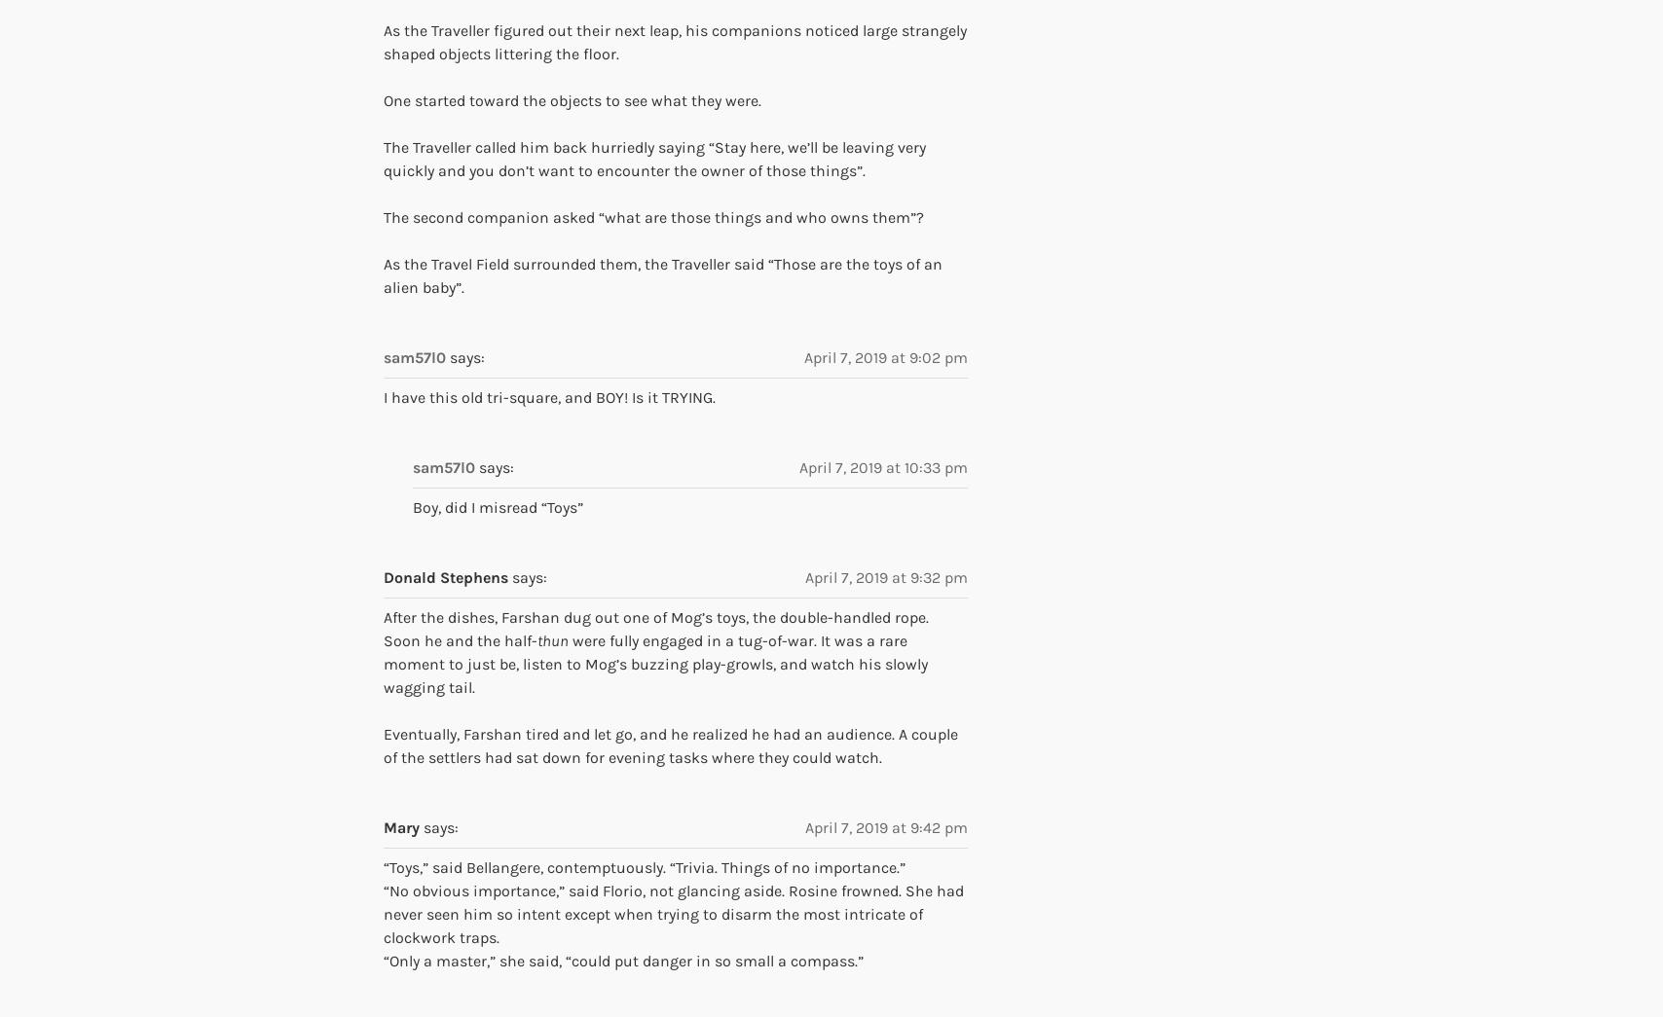 The width and height of the screenshot is (1663, 1017). Describe the element at coordinates (655, 629) in the screenshot. I see `'After the dishes, Farshan dug out one of Mog’s toys, the double-handled rope. Soon he and the half-'` at that location.